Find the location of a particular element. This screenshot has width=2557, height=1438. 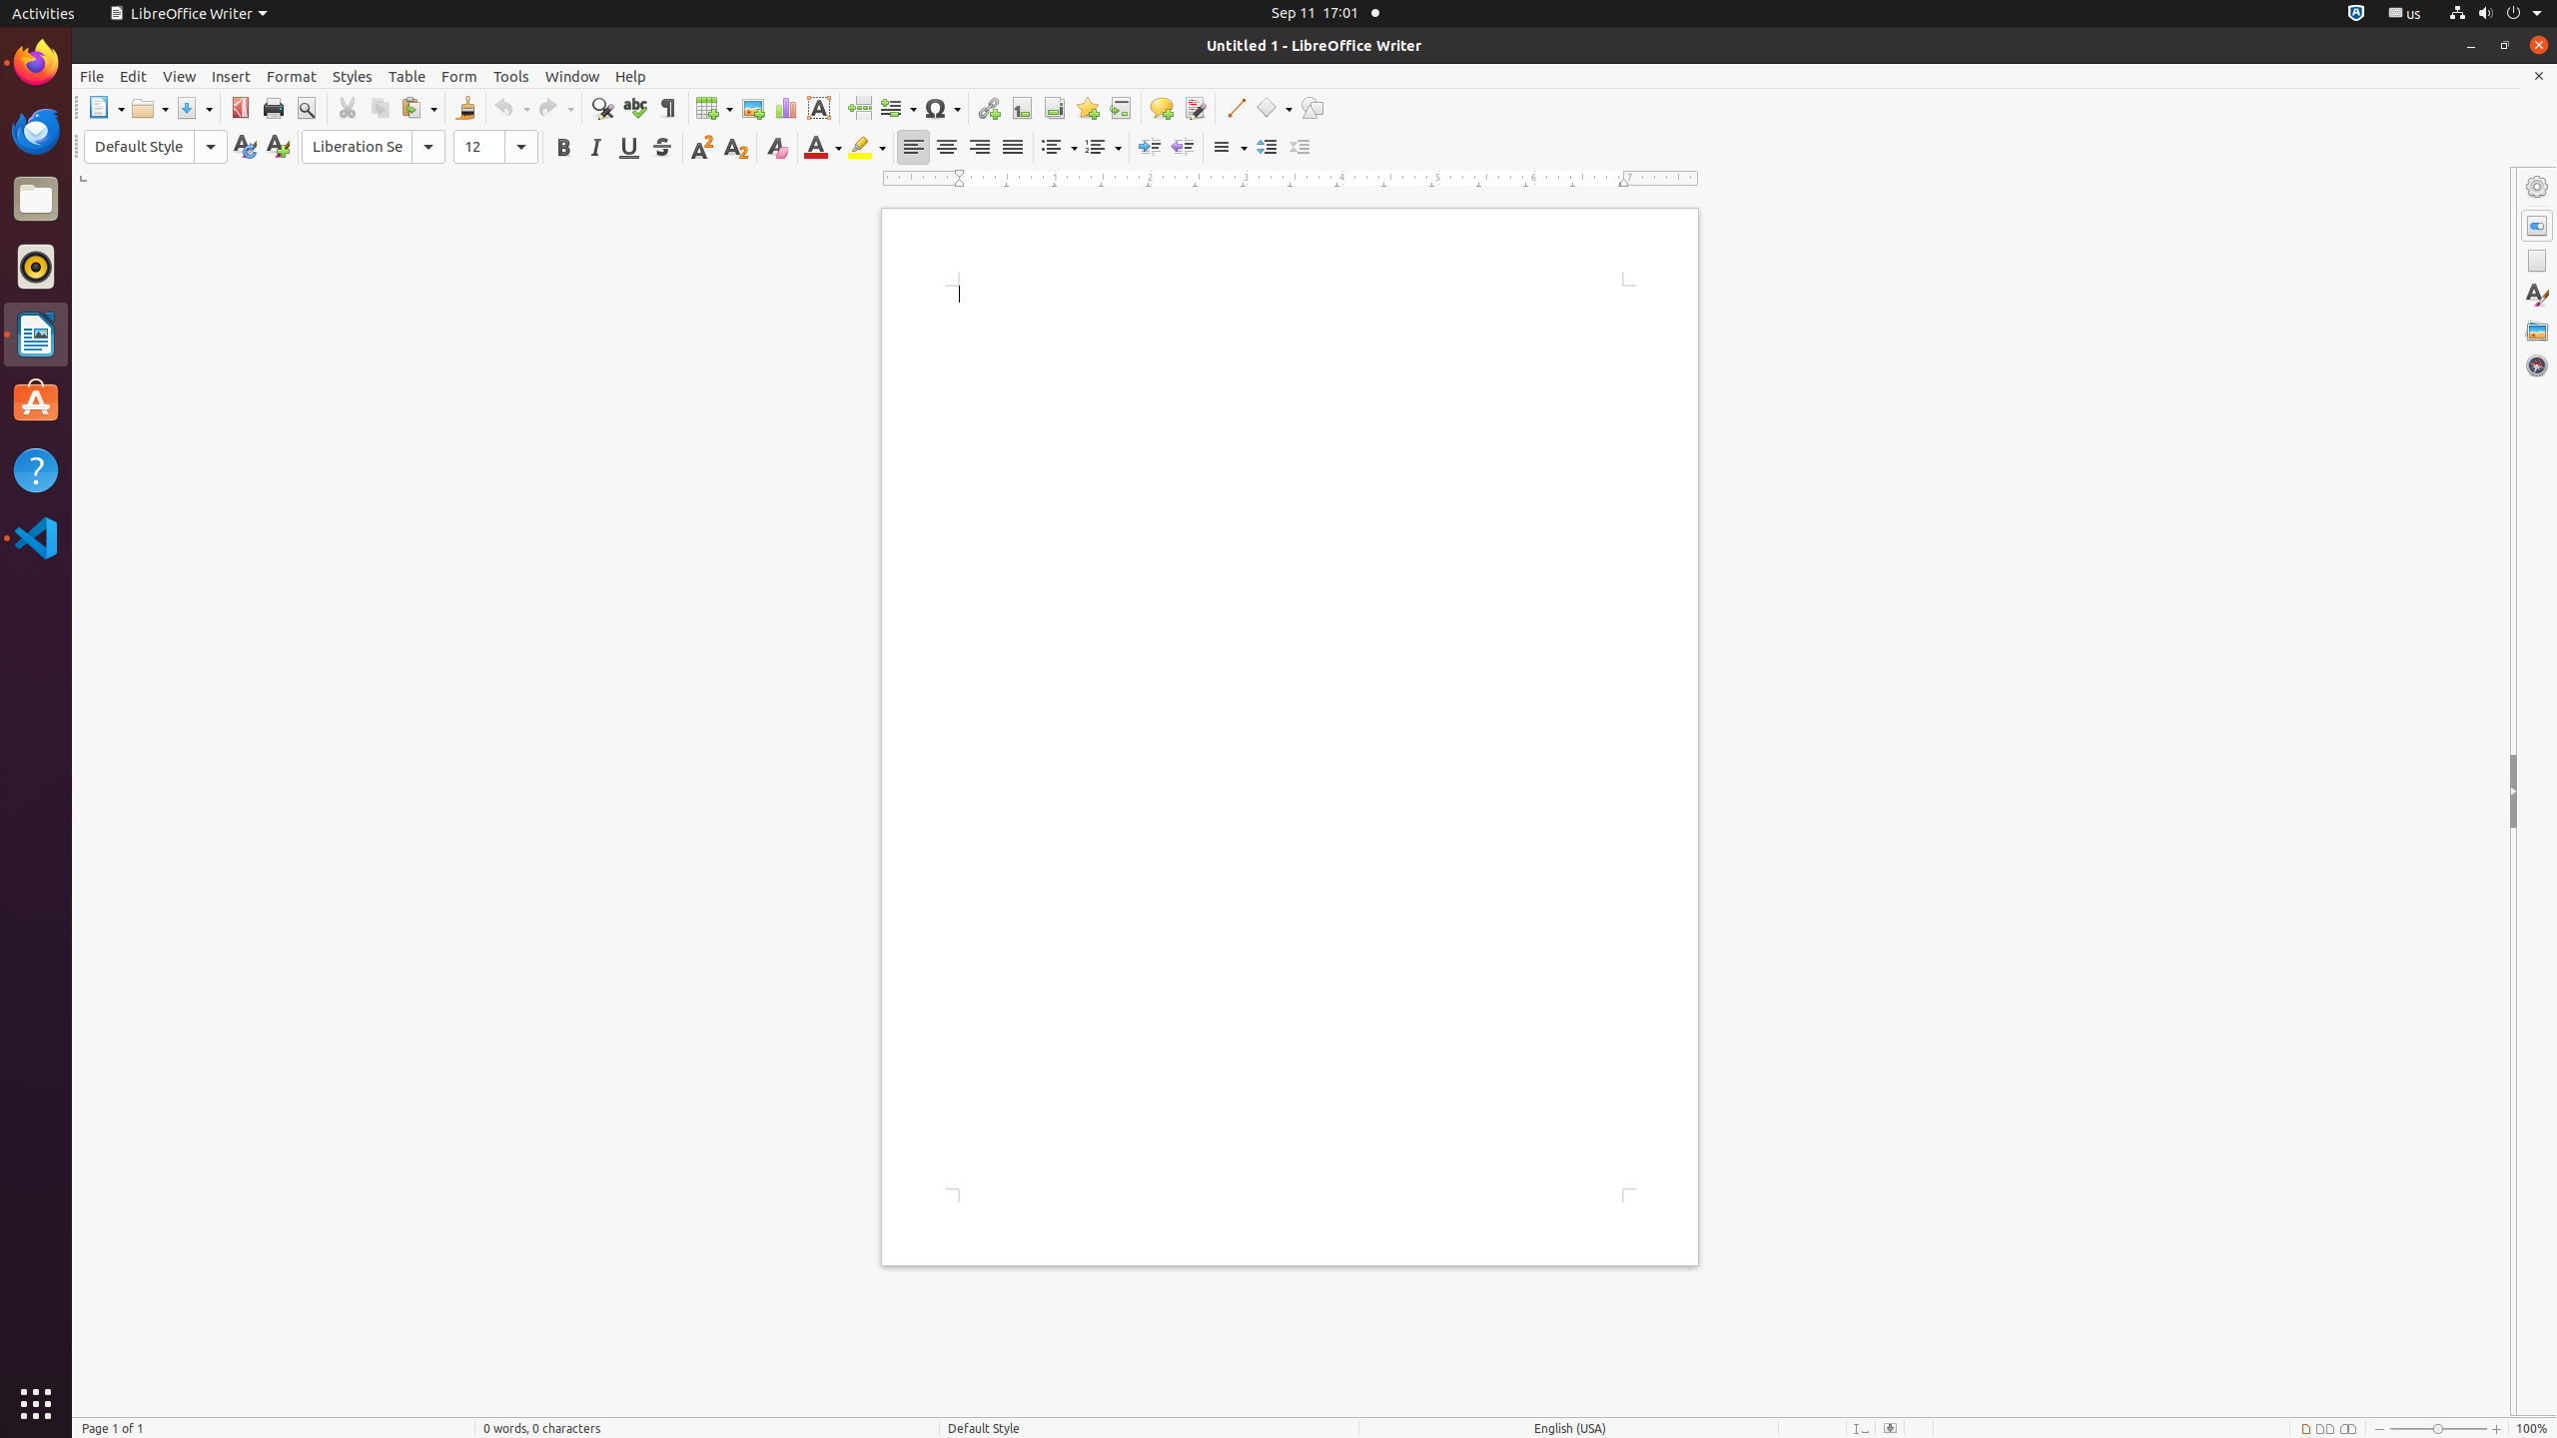

'Redo' is located at coordinates (554, 107).